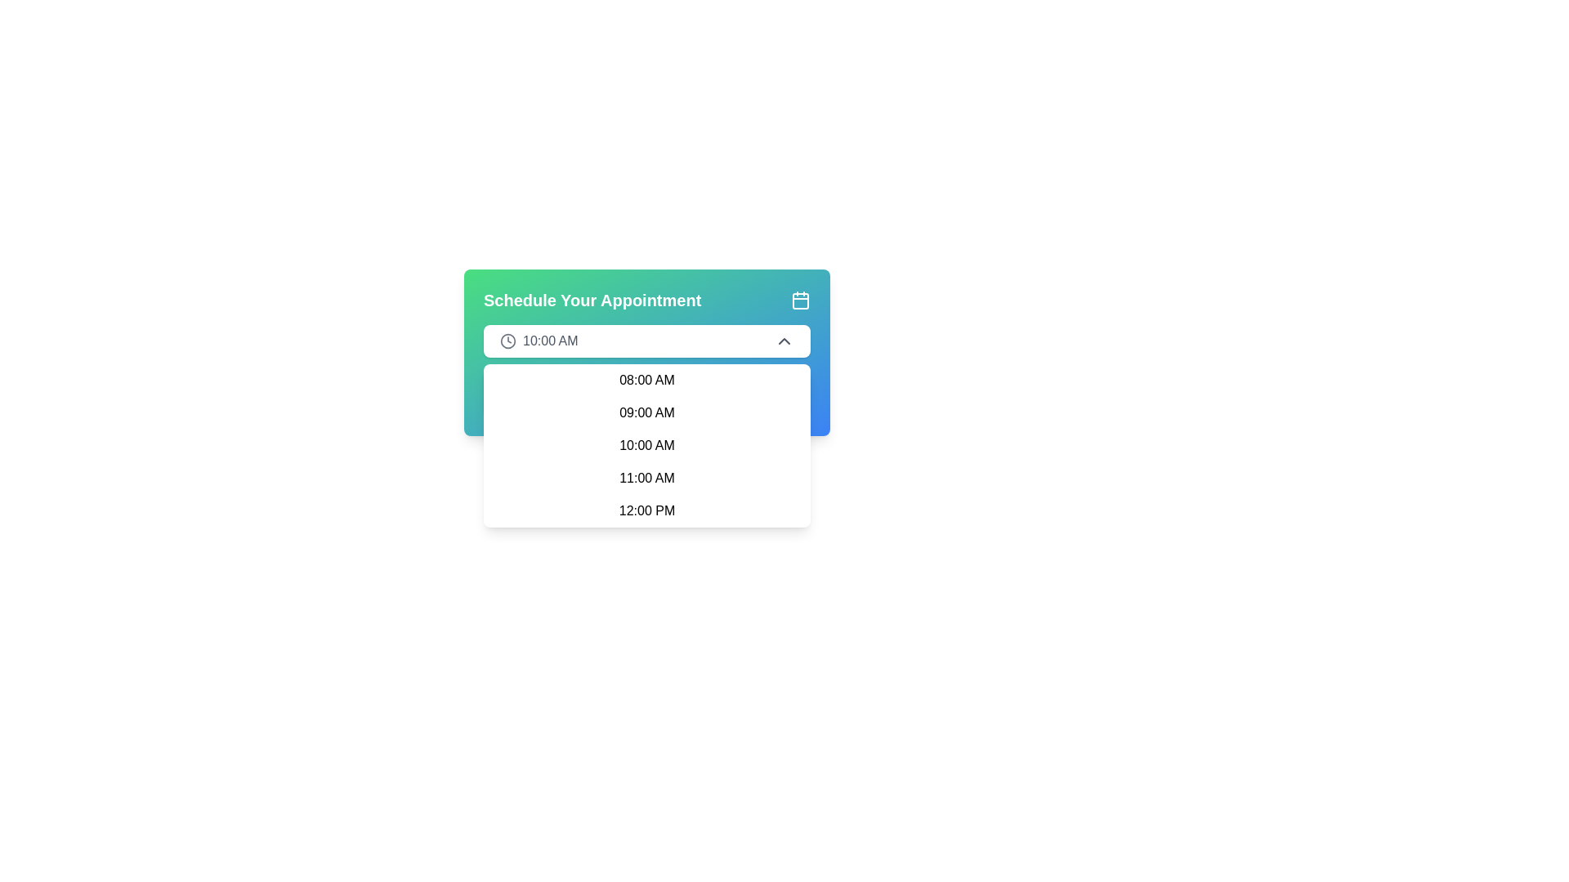  I want to click on the circular SVG graphic element that is part of the clock icon, located on the left side of the time selection field in the 'Schedule Your Appointment' area, so click(507, 340).